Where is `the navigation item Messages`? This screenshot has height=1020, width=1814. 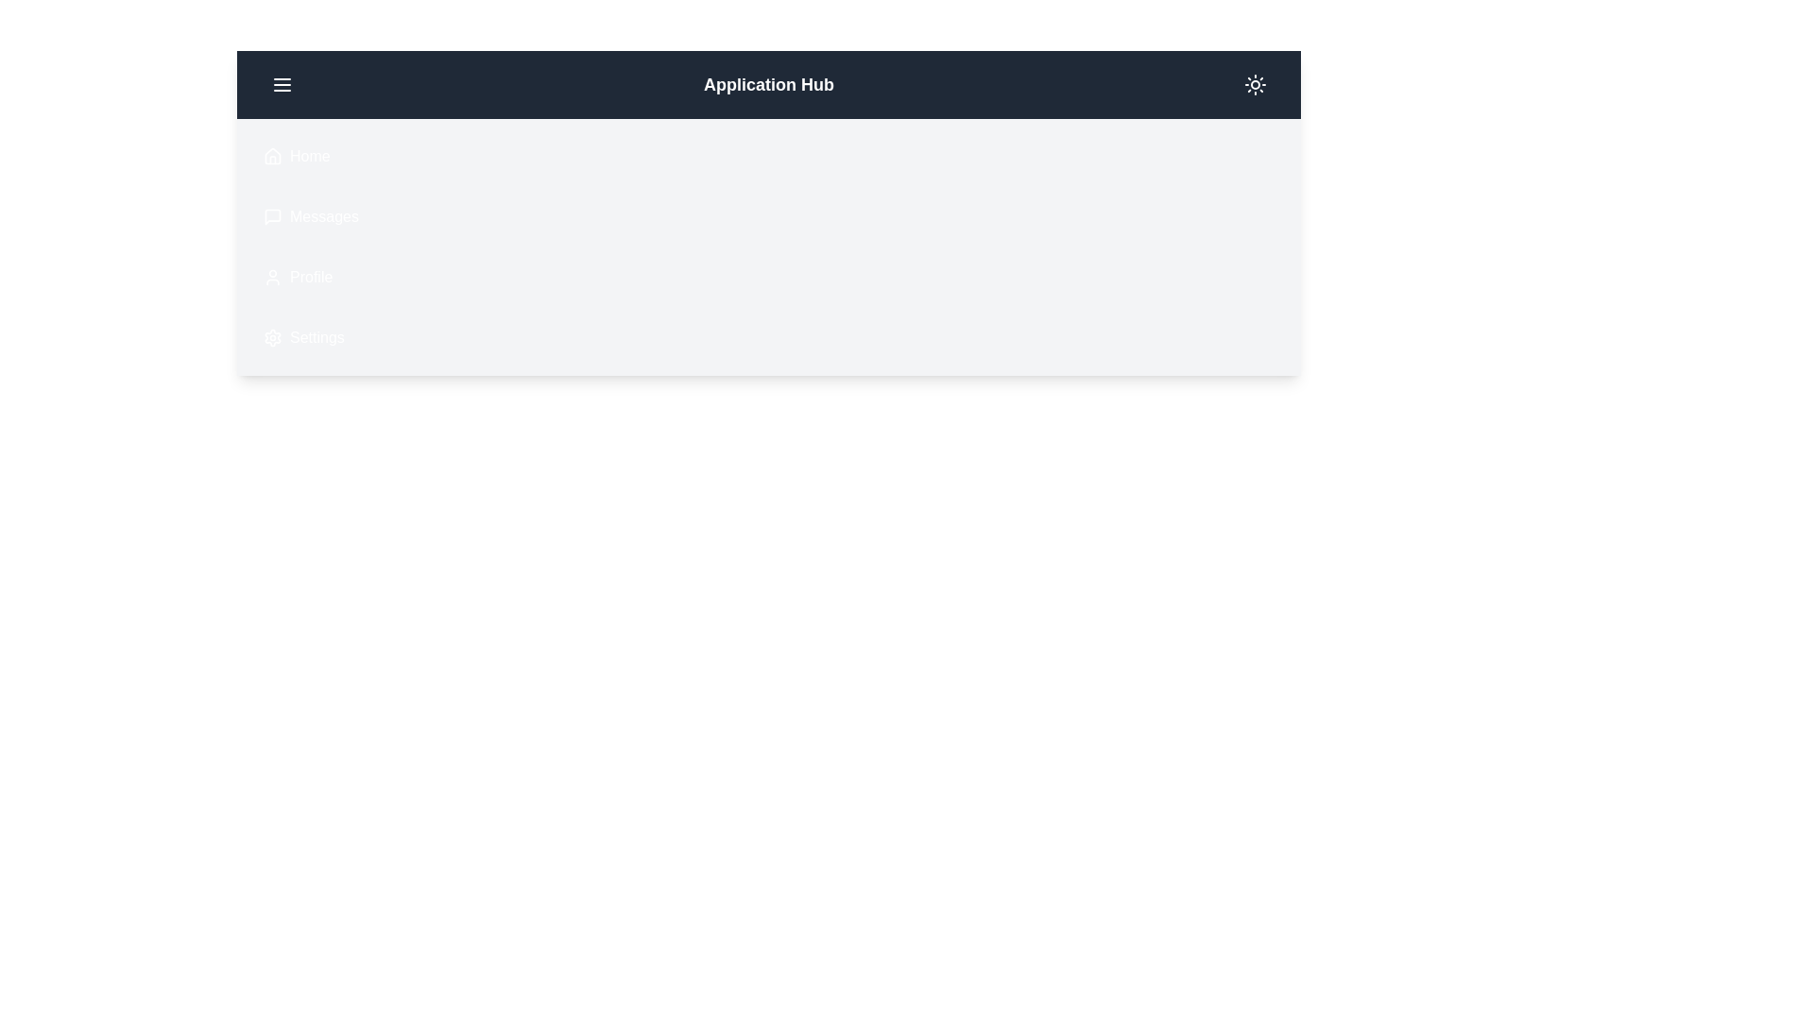
the navigation item Messages is located at coordinates (251, 216).